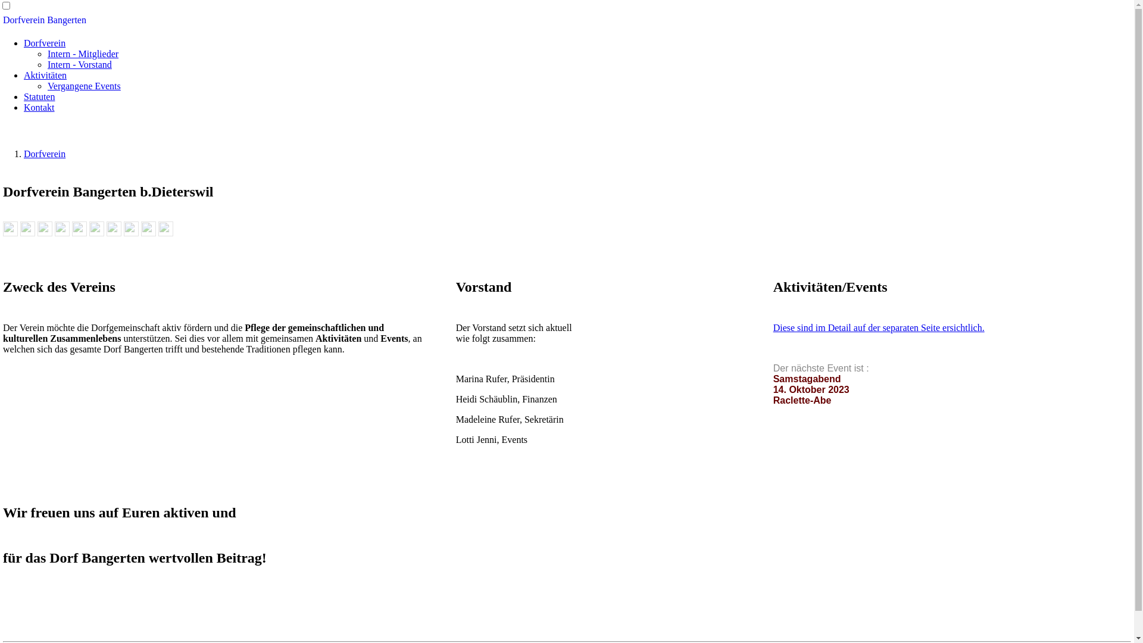 The height and width of the screenshot is (643, 1143). I want to click on 'Vergangene Events', so click(48, 85).